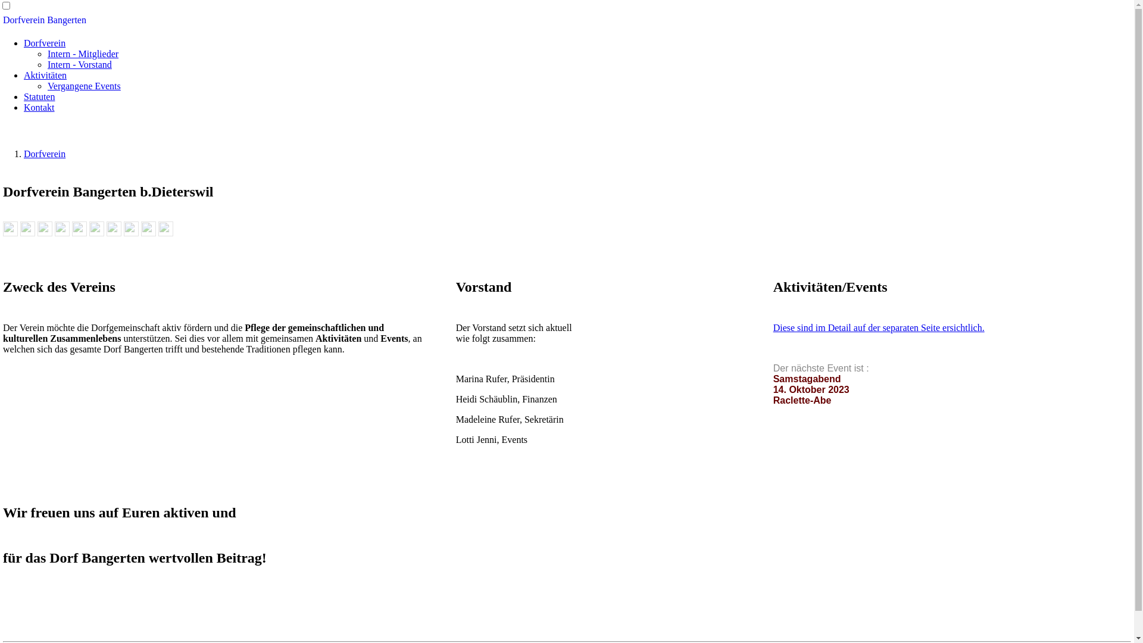 The height and width of the screenshot is (643, 1143). I want to click on 'Vergangene Events', so click(48, 85).